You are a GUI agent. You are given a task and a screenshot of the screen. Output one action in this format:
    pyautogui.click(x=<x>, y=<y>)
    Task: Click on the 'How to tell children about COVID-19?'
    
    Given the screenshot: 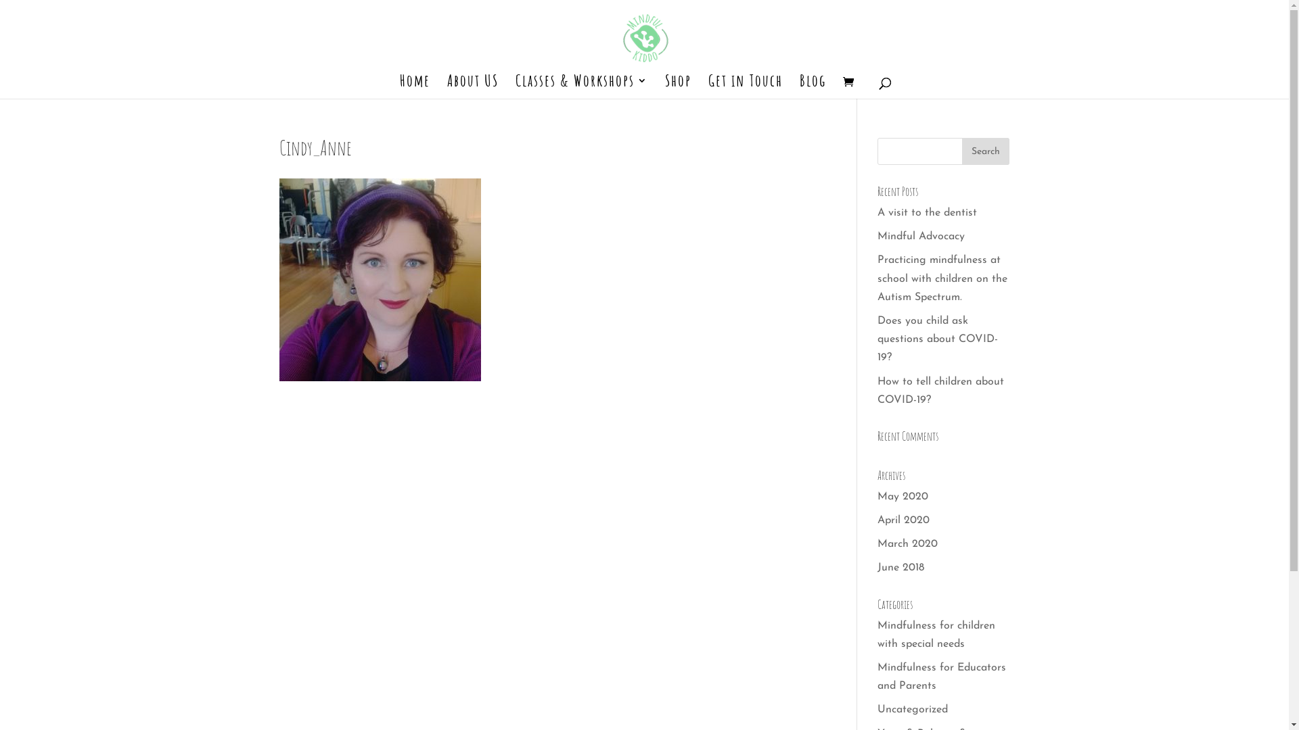 What is the action you would take?
    pyautogui.click(x=877, y=390)
    